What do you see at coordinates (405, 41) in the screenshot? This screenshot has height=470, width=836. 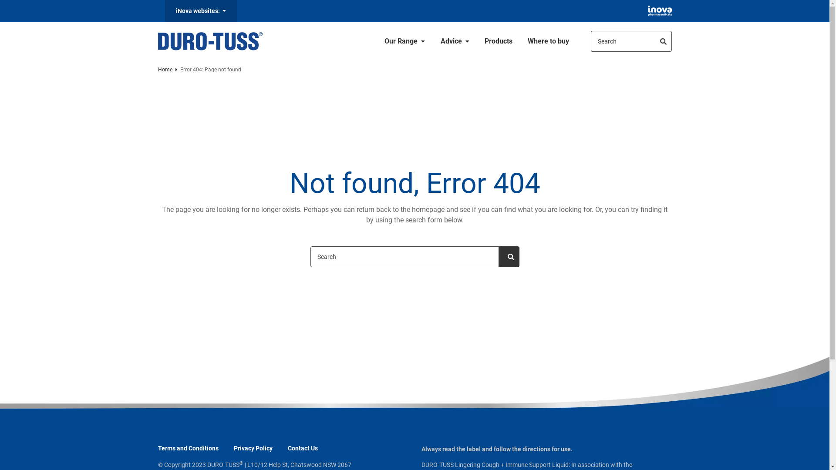 I see `'Our Range'` at bounding box center [405, 41].